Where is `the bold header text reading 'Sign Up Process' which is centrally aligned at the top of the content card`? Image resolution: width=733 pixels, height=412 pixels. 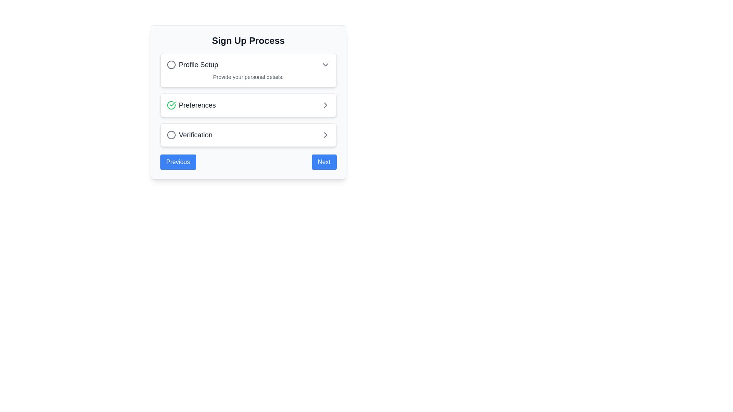
the bold header text reading 'Sign Up Process' which is centrally aligned at the top of the content card is located at coordinates (248, 41).